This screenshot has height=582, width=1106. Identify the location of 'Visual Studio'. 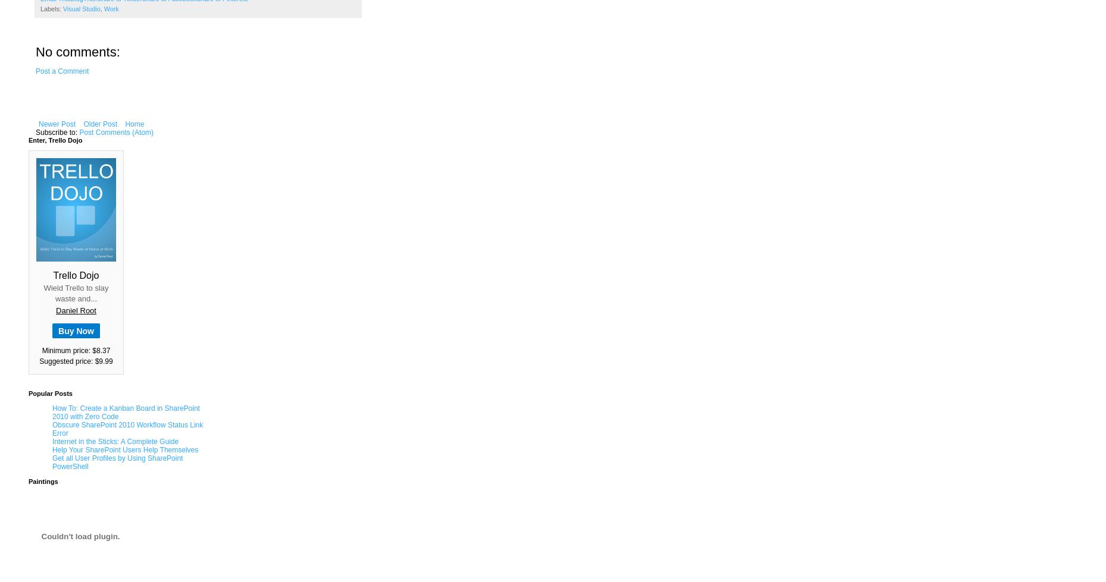
(81, 8).